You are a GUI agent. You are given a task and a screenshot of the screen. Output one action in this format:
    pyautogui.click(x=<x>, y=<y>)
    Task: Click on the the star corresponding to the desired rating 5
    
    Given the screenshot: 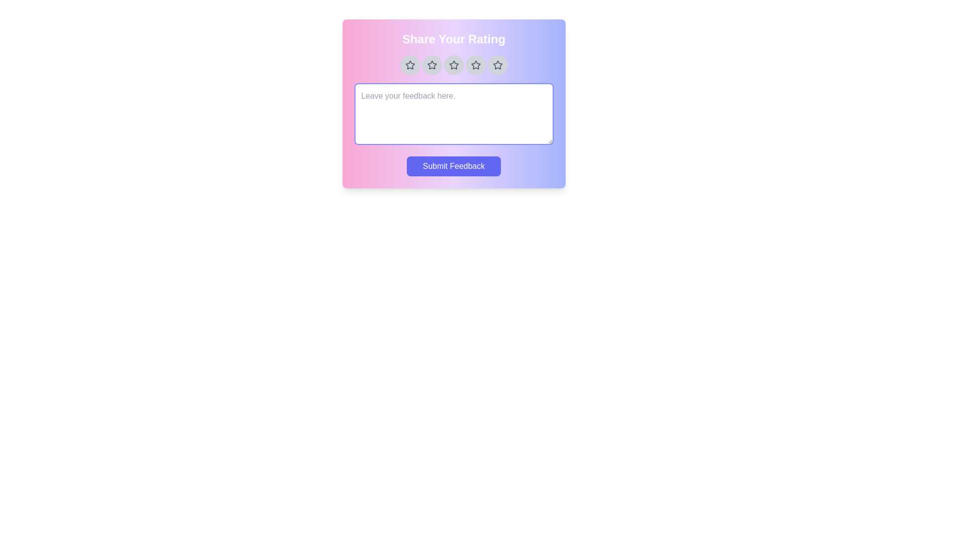 What is the action you would take?
    pyautogui.click(x=497, y=65)
    